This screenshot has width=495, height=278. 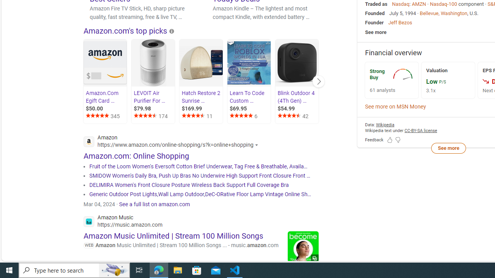 What do you see at coordinates (400, 22) in the screenshot?
I see `'Jeff Bezos'` at bounding box center [400, 22].